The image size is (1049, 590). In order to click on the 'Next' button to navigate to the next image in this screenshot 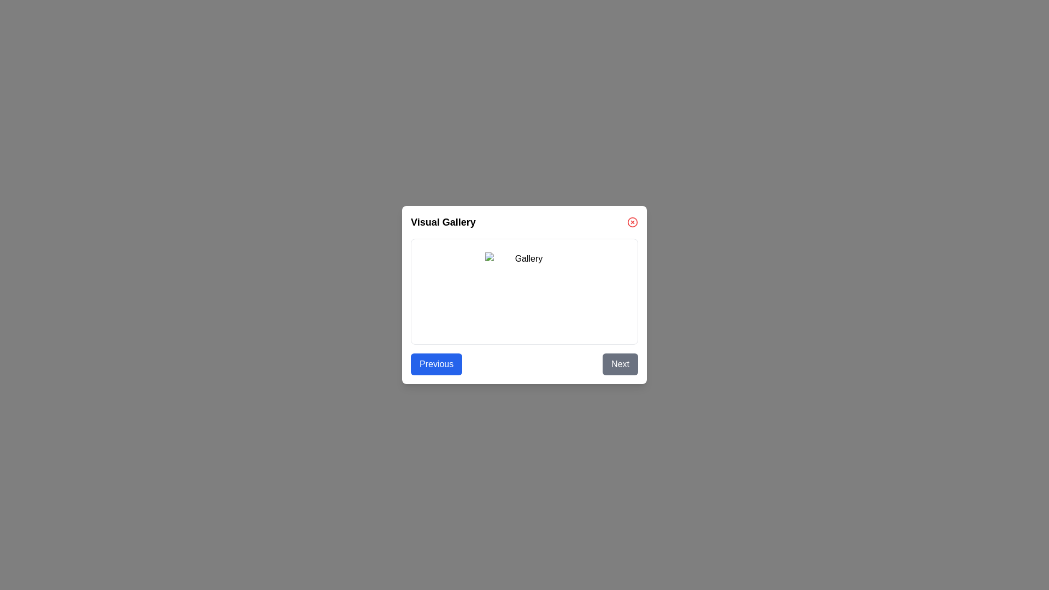, I will do `click(620, 364)`.